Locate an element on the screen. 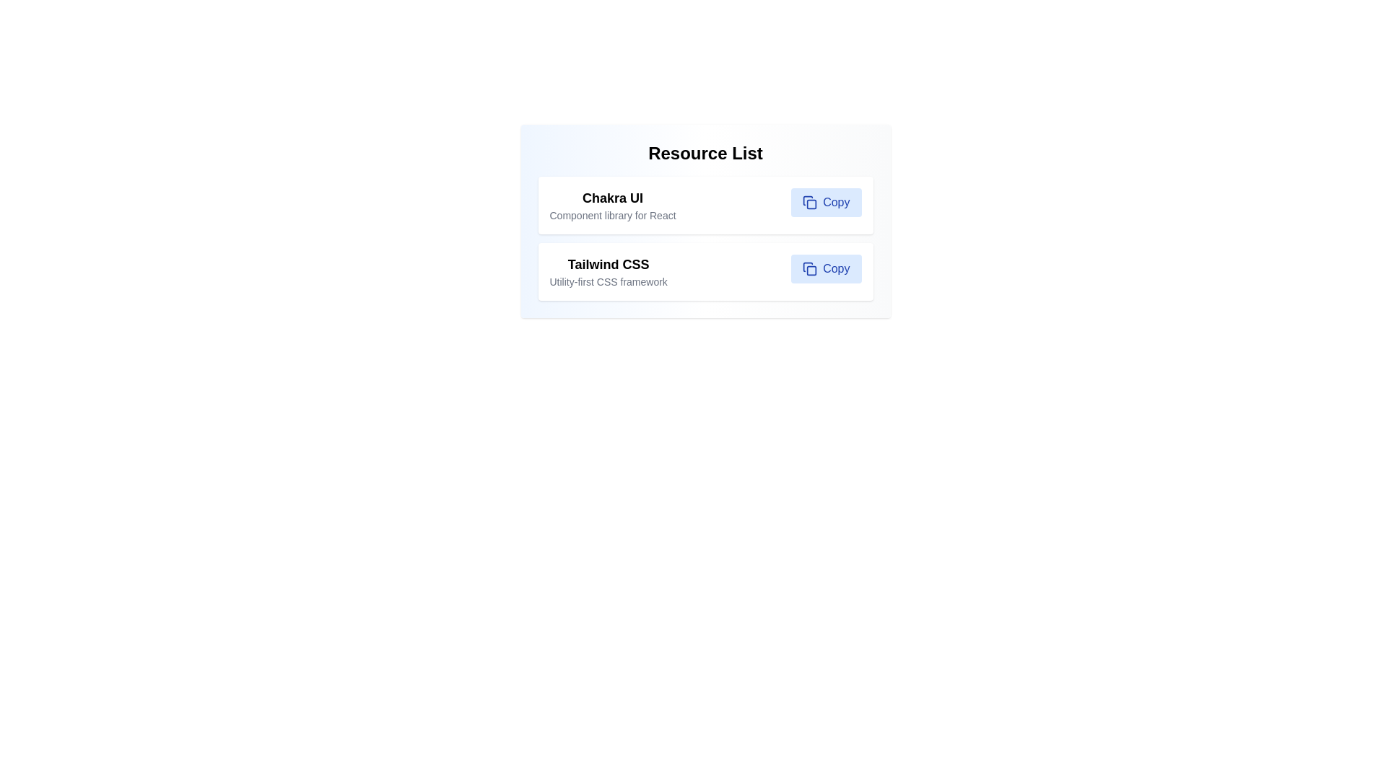  the second icon in the right section of the 'Tailwind CSS' row to potentially reveal a tooltip is located at coordinates (807, 267).